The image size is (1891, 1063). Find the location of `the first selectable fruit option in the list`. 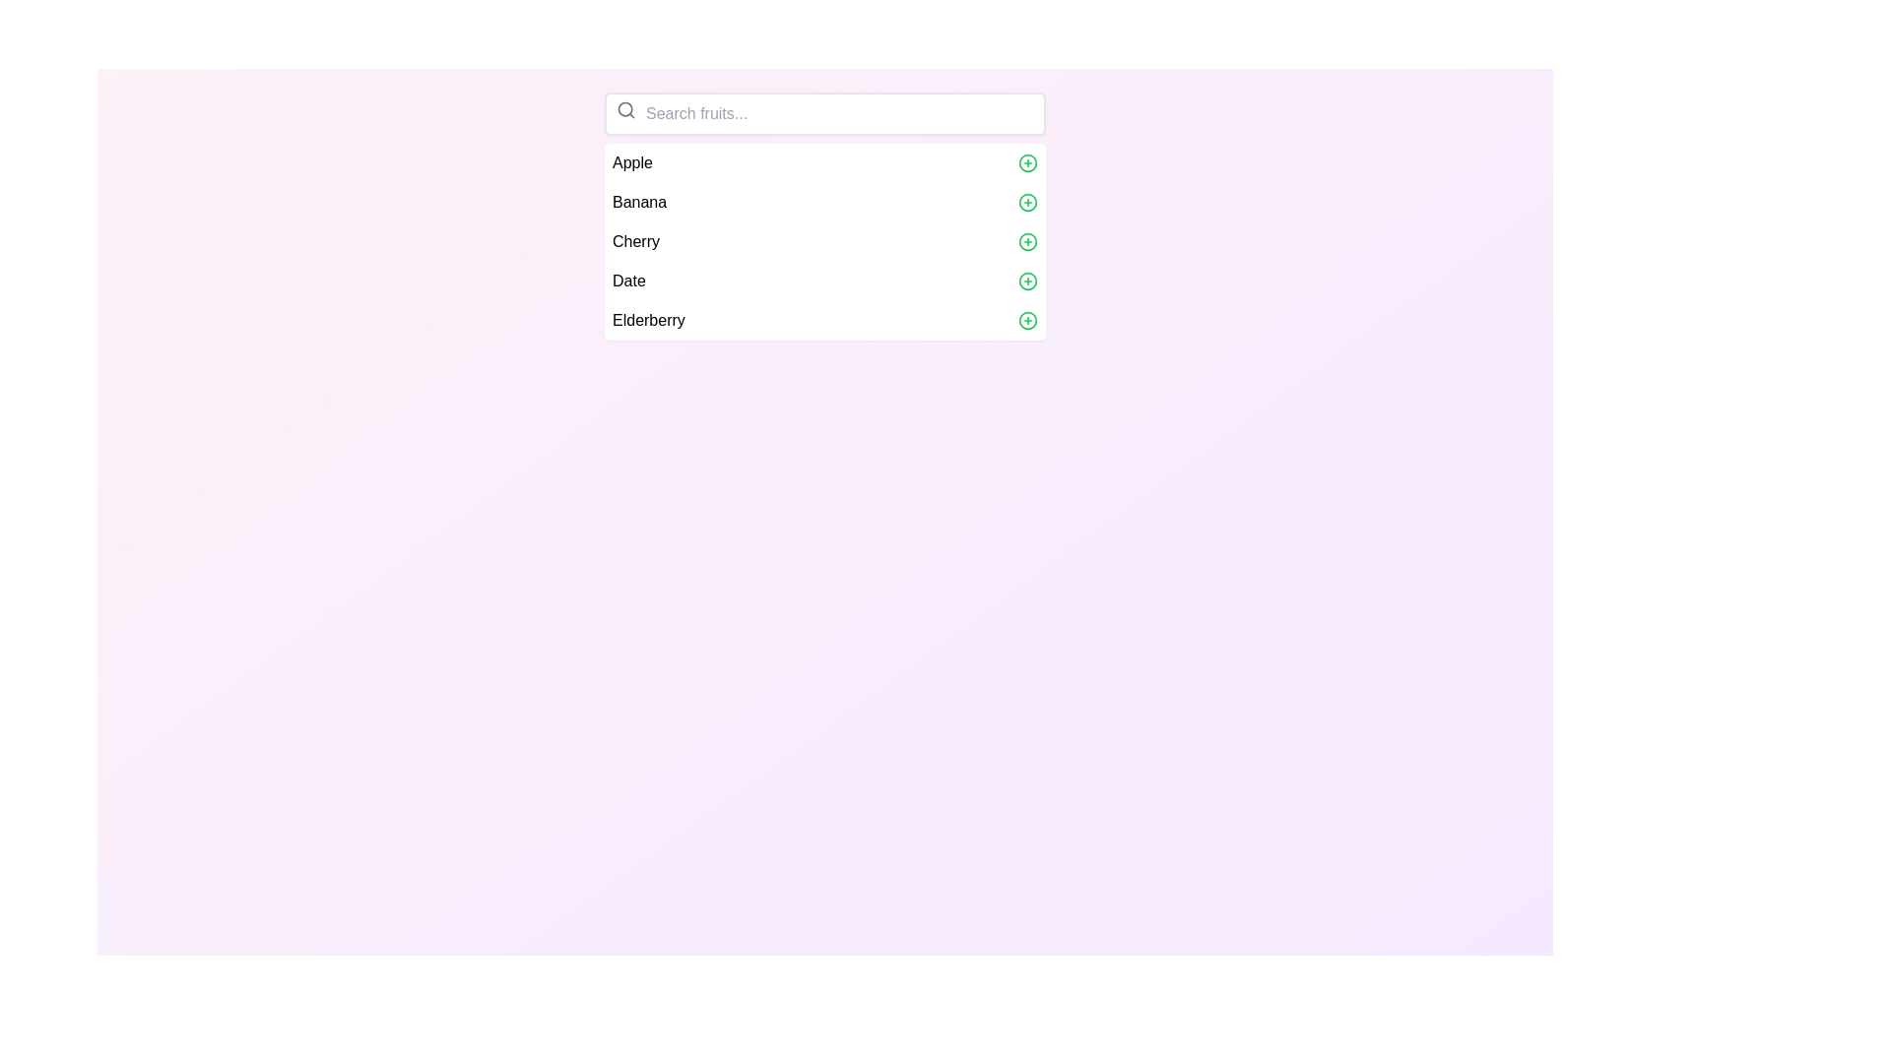

the first selectable fruit option in the list is located at coordinates (825, 161).